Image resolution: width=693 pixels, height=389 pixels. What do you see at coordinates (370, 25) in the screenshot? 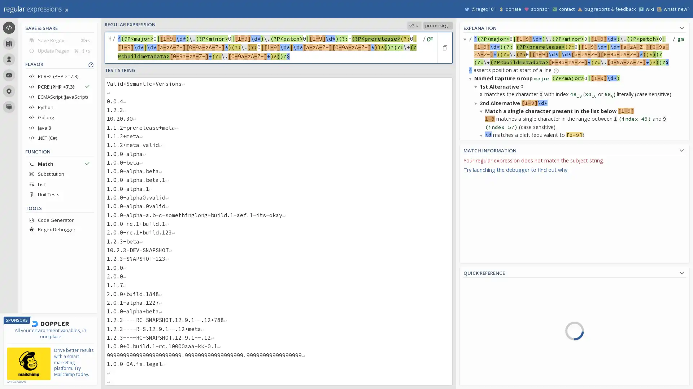
I see `Select Regex Version` at bounding box center [370, 25].